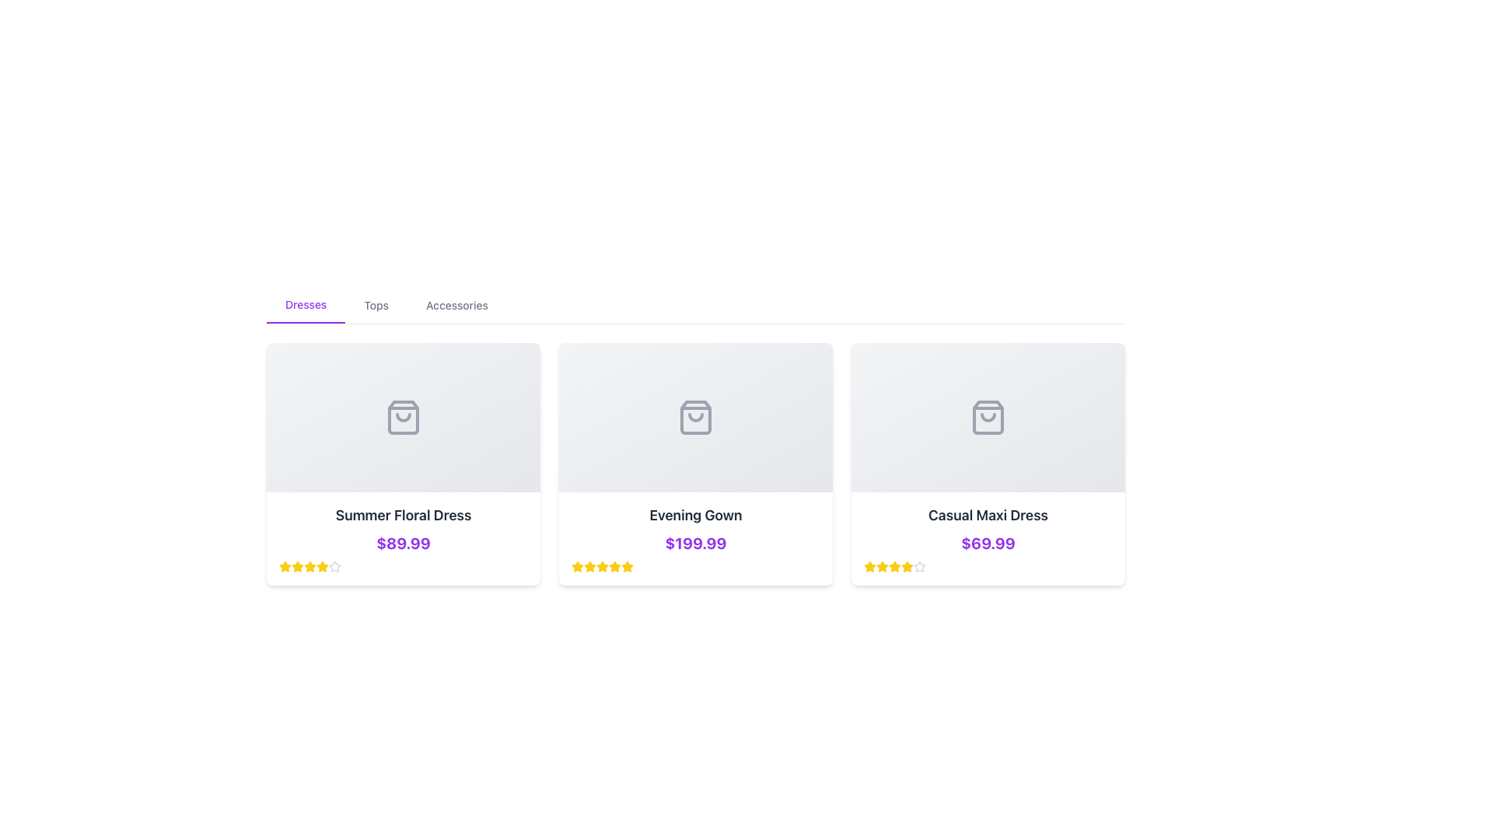 The height and width of the screenshot is (840, 1493). What do you see at coordinates (988, 416) in the screenshot?
I see `the shopping bag icon located in the third card titled 'Casual Maxi Dress', which is characterized by its gray color and rectangular shape with a curved handle` at bounding box center [988, 416].